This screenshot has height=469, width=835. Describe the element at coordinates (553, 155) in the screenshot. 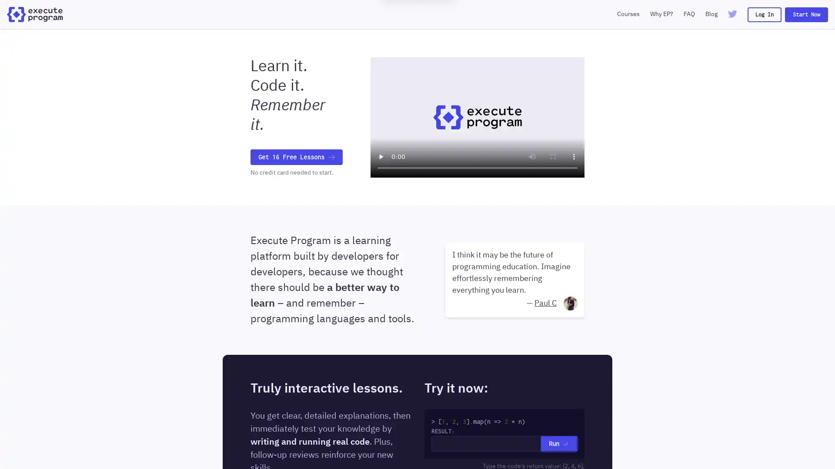

I see `enter full screen` at that location.